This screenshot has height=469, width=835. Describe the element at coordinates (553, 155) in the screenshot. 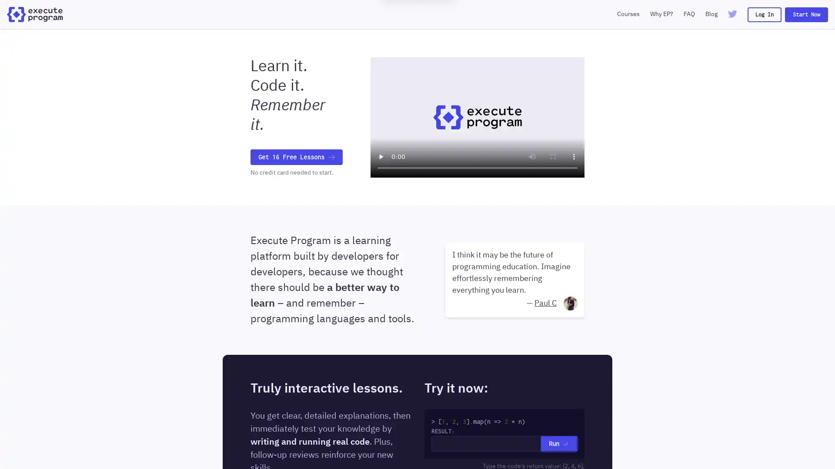

I see `enter full screen` at that location.